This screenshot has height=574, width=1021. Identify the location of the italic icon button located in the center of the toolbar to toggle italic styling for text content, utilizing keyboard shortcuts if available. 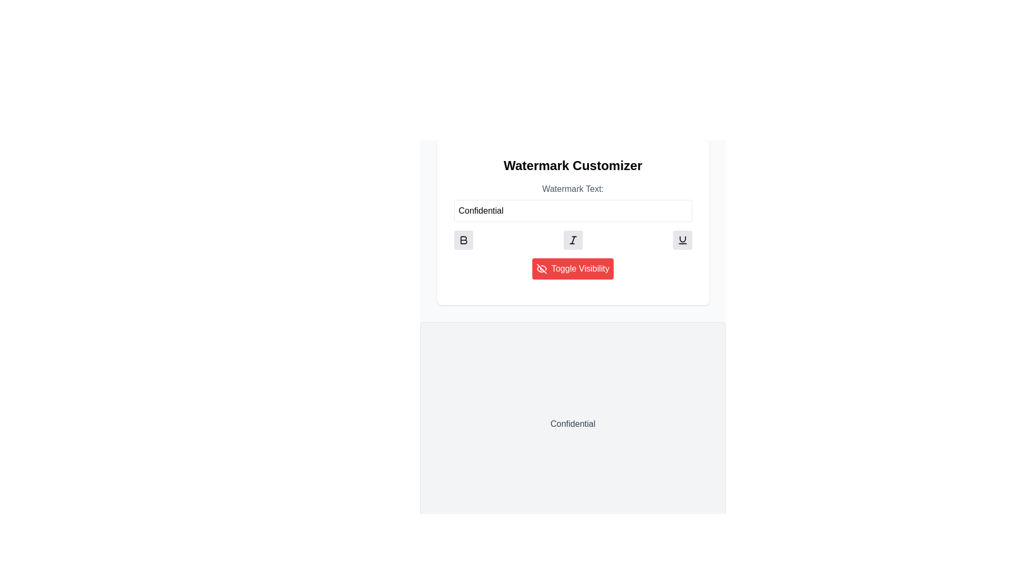
(572, 240).